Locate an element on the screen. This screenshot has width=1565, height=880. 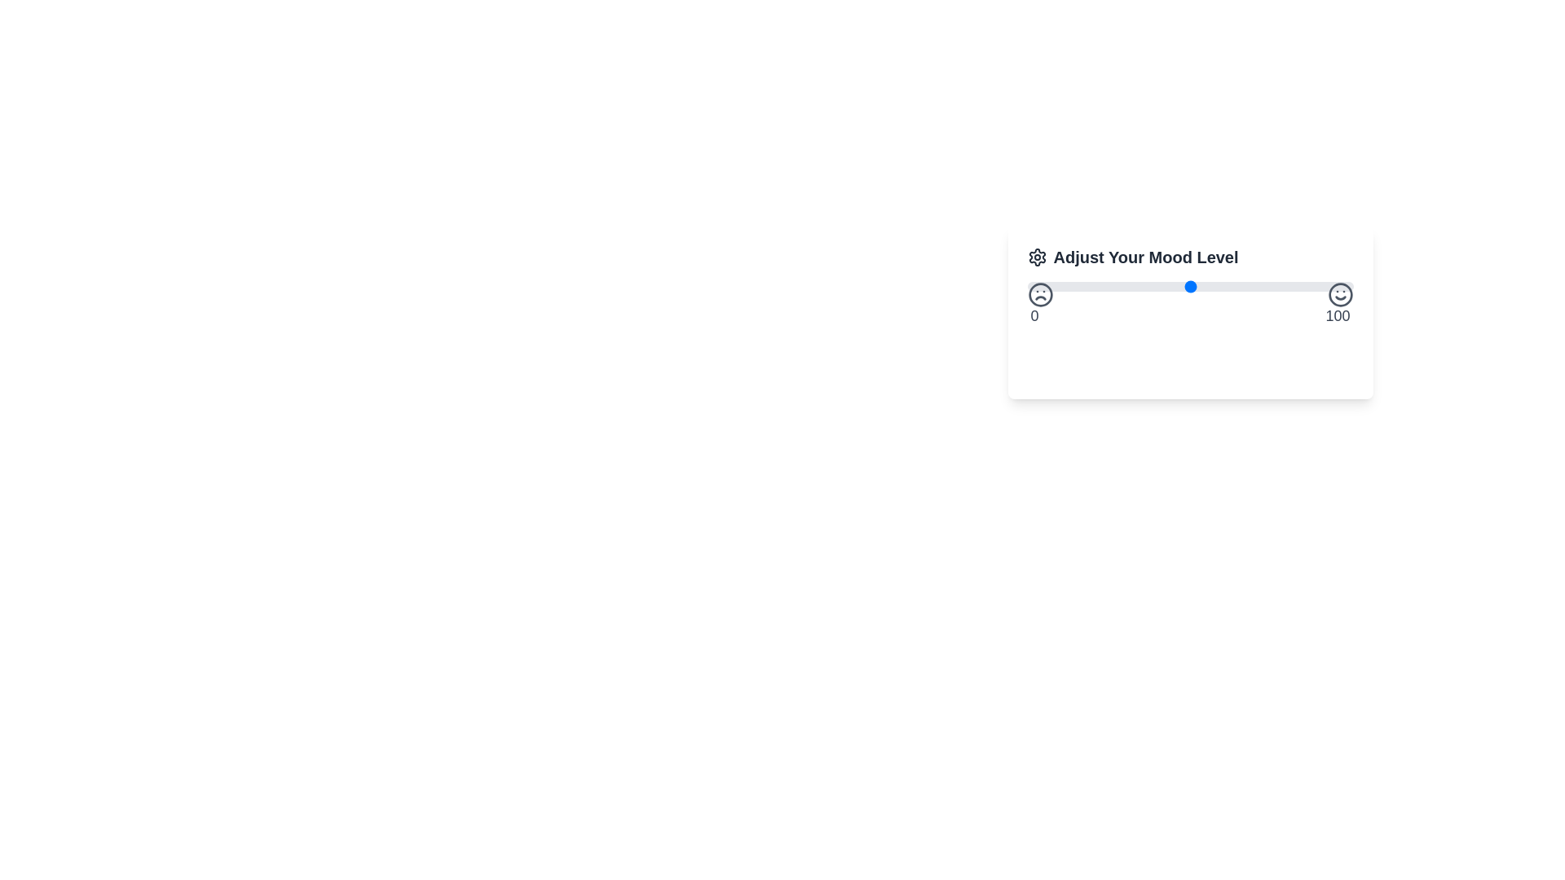
mood level is located at coordinates (1166, 285).